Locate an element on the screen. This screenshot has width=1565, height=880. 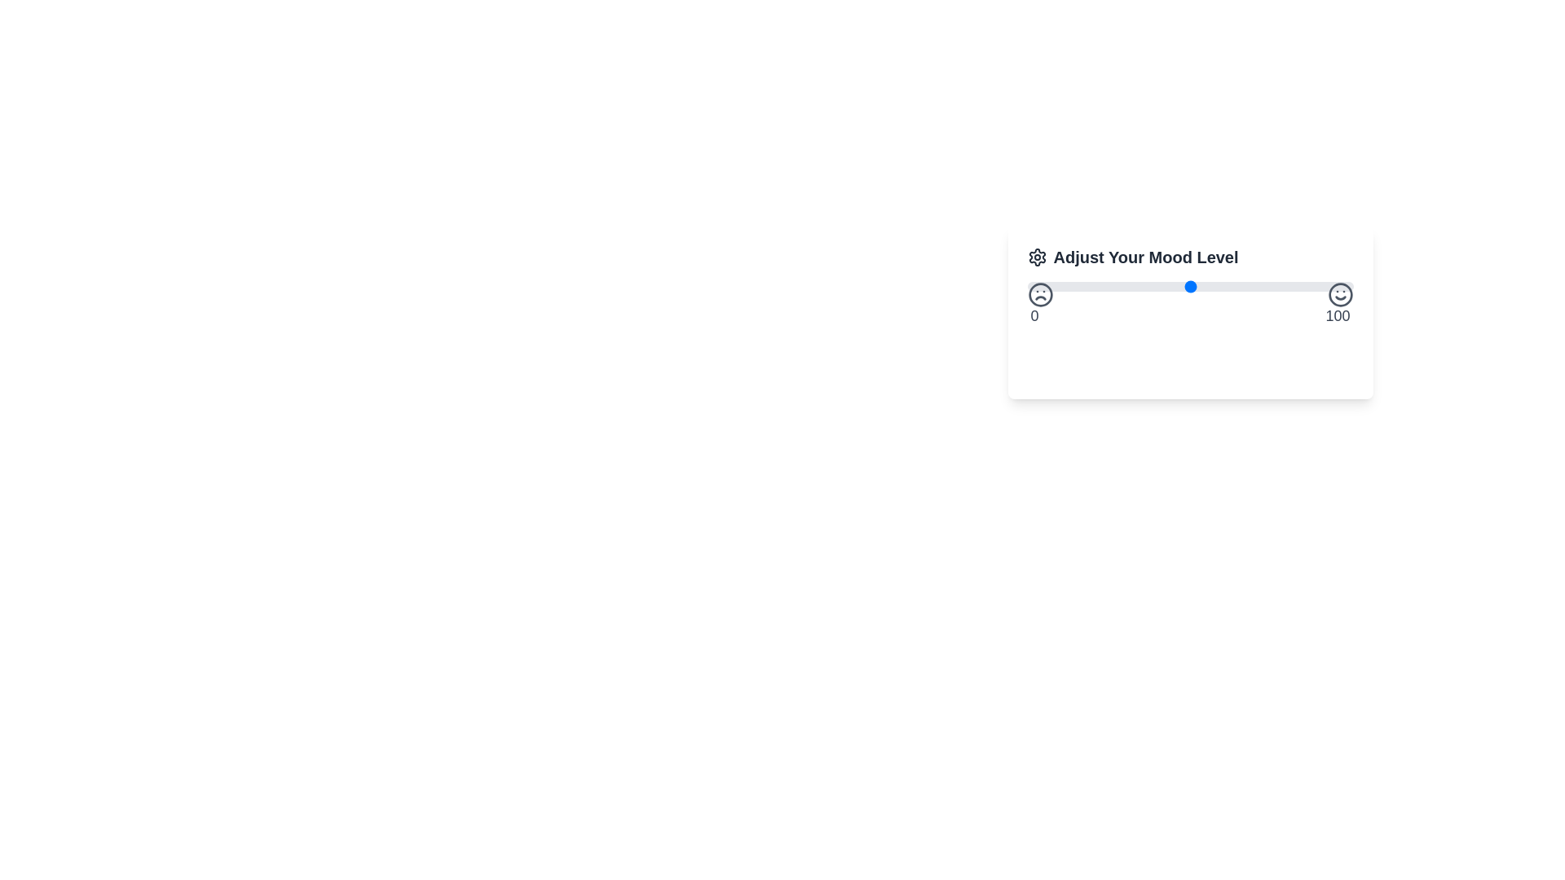
mood level is located at coordinates (1166, 285).